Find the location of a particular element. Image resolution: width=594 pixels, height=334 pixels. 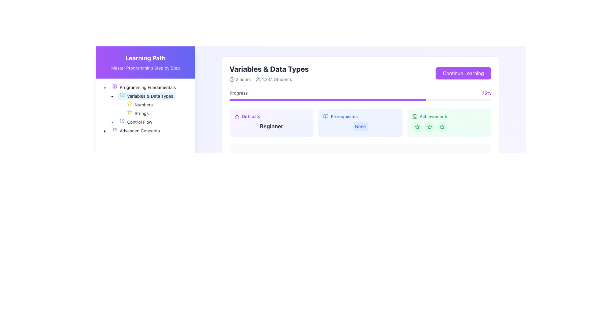

the 'Strings' text label in the tree hierarchy is located at coordinates (141, 113).